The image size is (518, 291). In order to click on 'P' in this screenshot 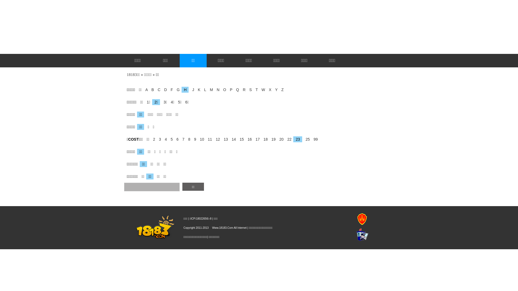, I will do `click(230, 89)`.